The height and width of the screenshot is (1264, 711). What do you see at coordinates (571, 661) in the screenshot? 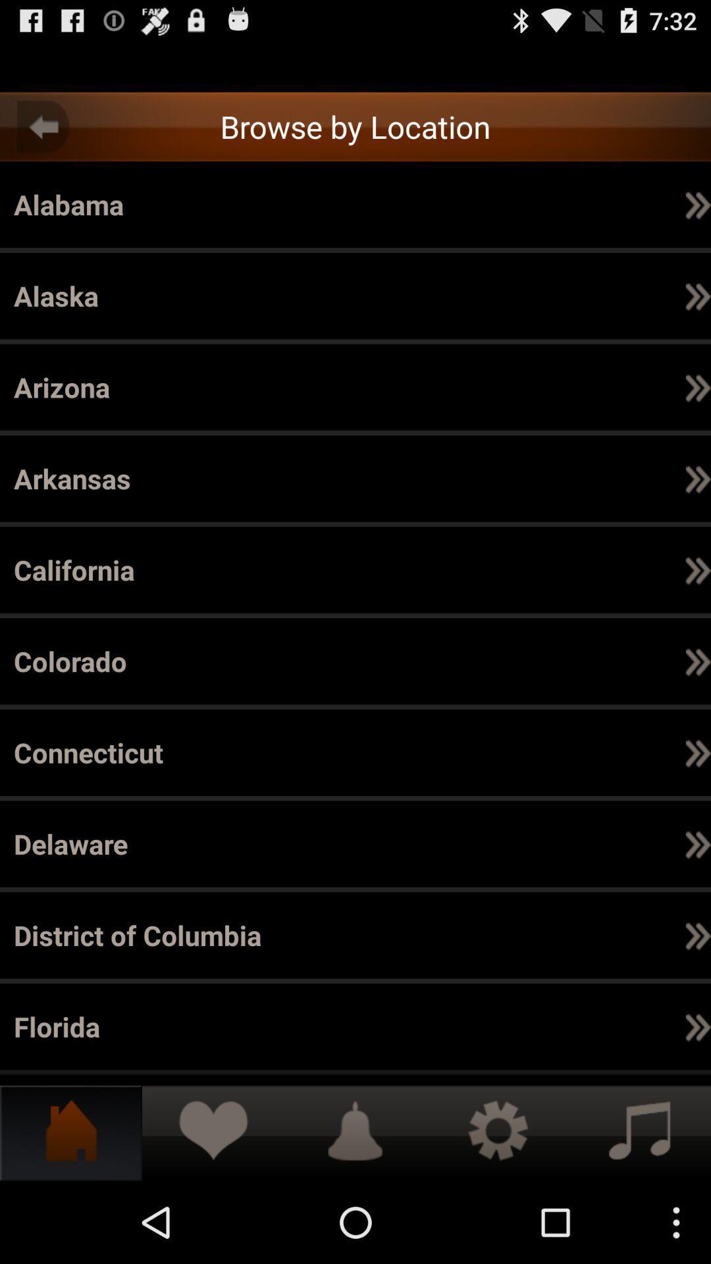
I see `item above   contra costa item` at bounding box center [571, 661].